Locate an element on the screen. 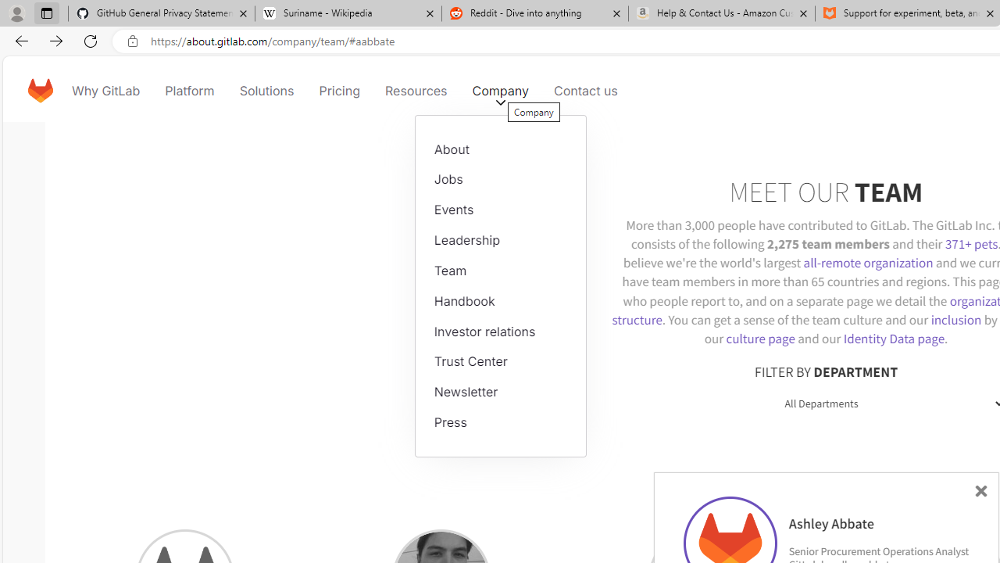  'inclusion' is located at coordinates (955, 318).